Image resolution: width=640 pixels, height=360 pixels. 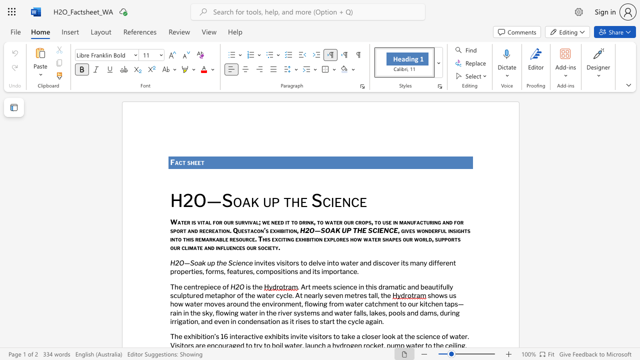 What do you see at coordinates (317, 262) in the screenshot?
I see `the subset text "ve into water and discover its many diffe" within the text "invites visitors to delve into water and discover its many different properties, forms, features,"` at bounding box center [317, 262].